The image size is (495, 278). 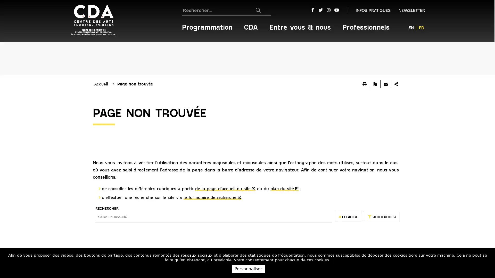 I want to click on Imprimer cette page, so click(x=364, y=50).